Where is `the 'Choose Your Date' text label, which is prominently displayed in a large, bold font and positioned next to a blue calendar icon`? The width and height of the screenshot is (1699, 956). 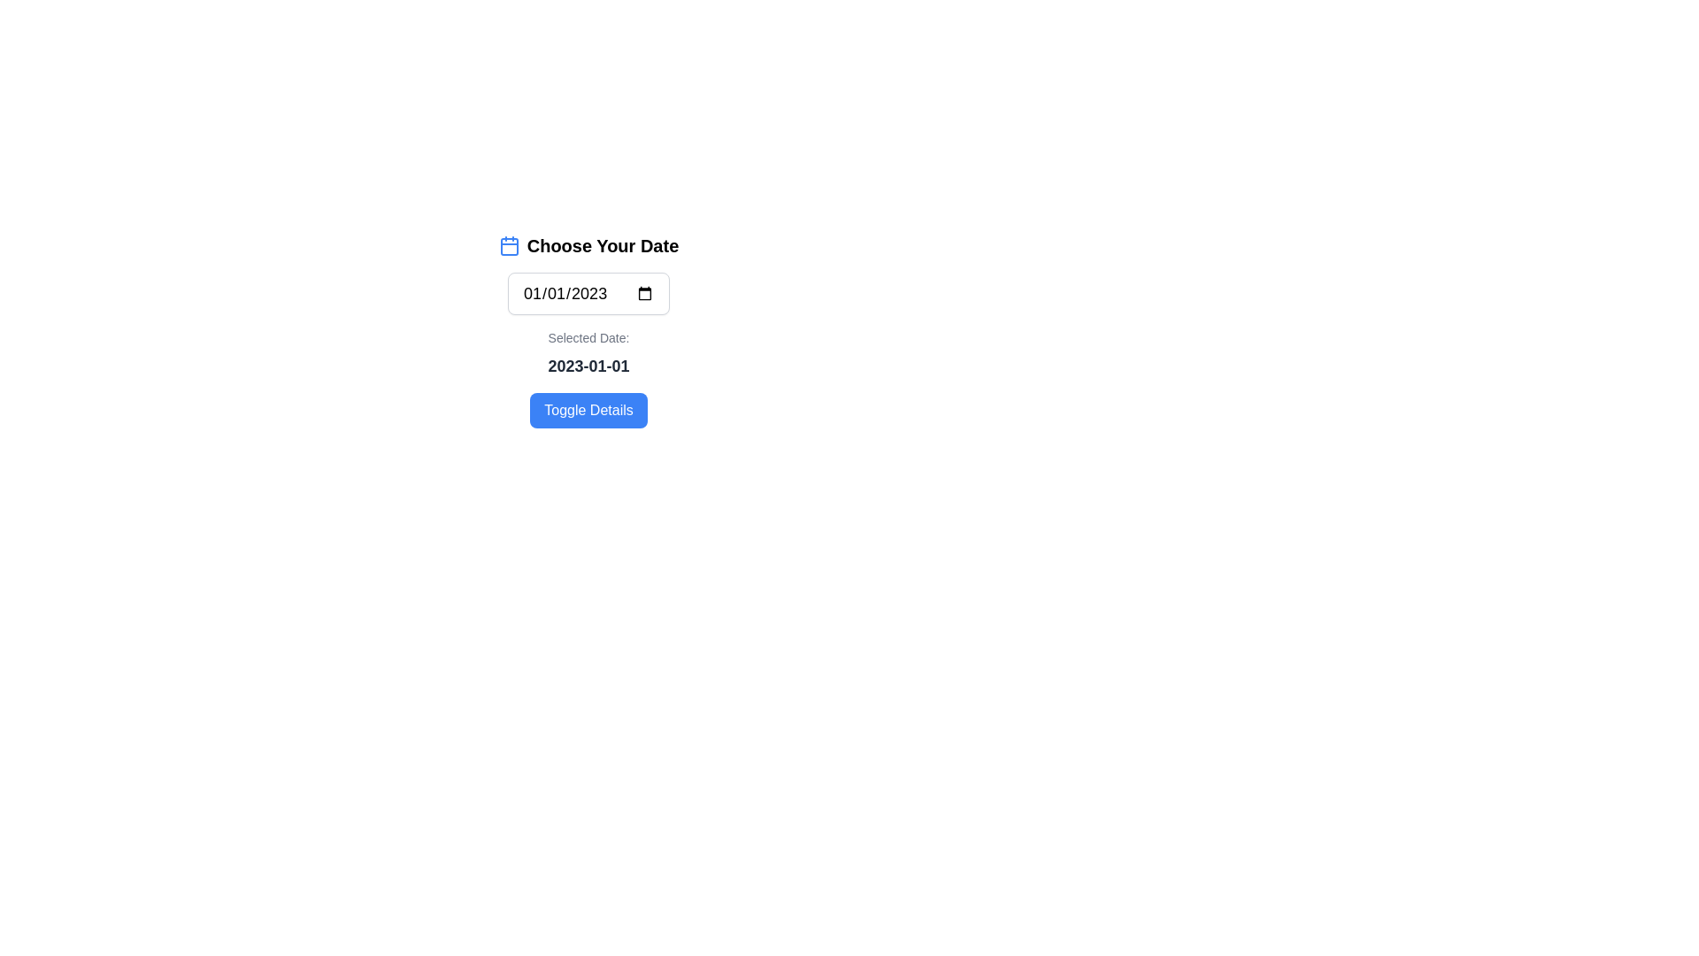
the 'Choose Your Date' text label, which is prominently displayed in a large, bold font and positioned next to a blue calendar icon is located at coordinates (603, 245).